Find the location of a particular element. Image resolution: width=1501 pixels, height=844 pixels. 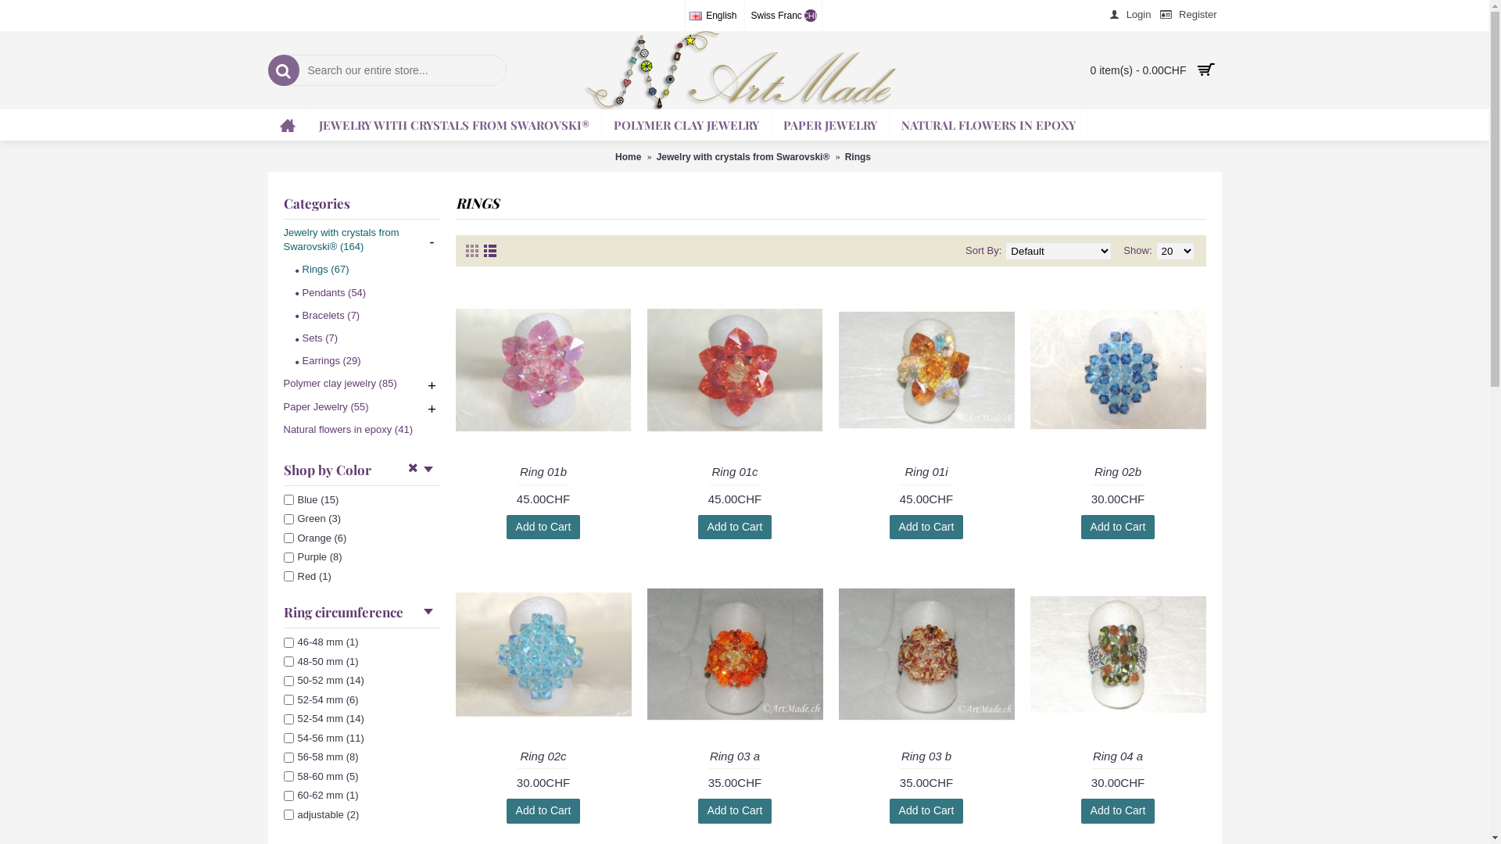

'Ring 01c' is located at coordinates (734, 470).